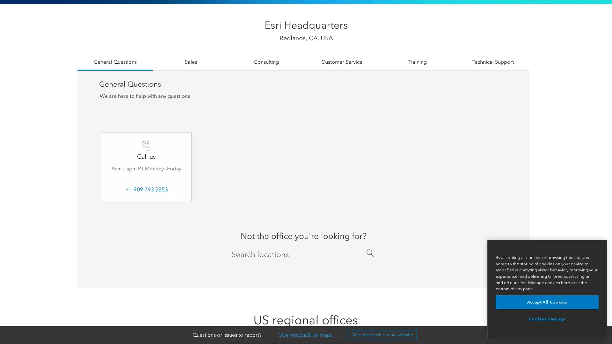 Image resolution: width=612 pixels, height=344 pixels. I want to click on Accept All Cookies, so click(547, 302).